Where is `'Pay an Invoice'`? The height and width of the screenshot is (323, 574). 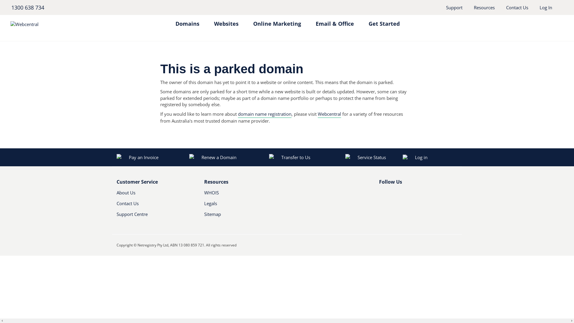 'Pay an Invoice' is located at coordinates (137, 157).